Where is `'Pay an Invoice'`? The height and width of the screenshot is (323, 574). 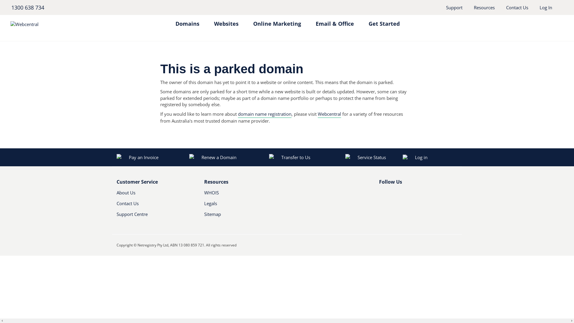 'Pay an Invoice' is located at coordinates (137, 157).